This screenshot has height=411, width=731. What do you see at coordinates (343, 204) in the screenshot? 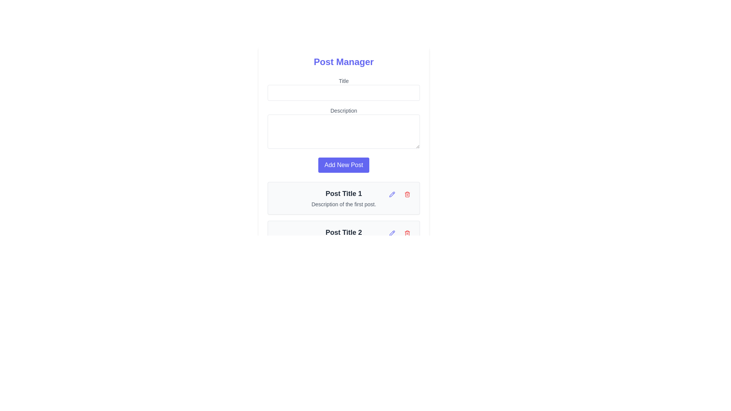
I see `the static text block displaying 'Description of the first post.' which is located directly beneath 'Post Title 1' in the first post card` at bounding box center [343, 204].